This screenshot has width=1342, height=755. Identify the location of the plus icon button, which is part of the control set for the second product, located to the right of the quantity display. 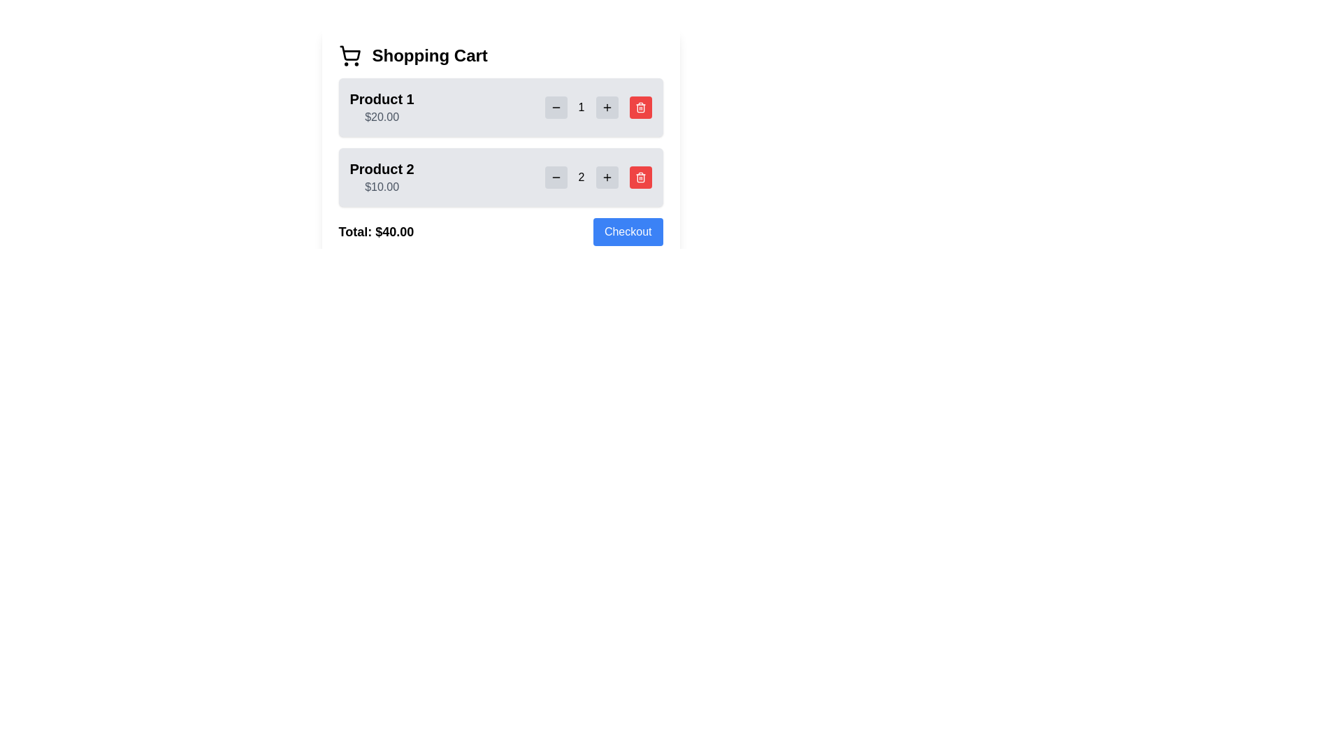
(607, 177).